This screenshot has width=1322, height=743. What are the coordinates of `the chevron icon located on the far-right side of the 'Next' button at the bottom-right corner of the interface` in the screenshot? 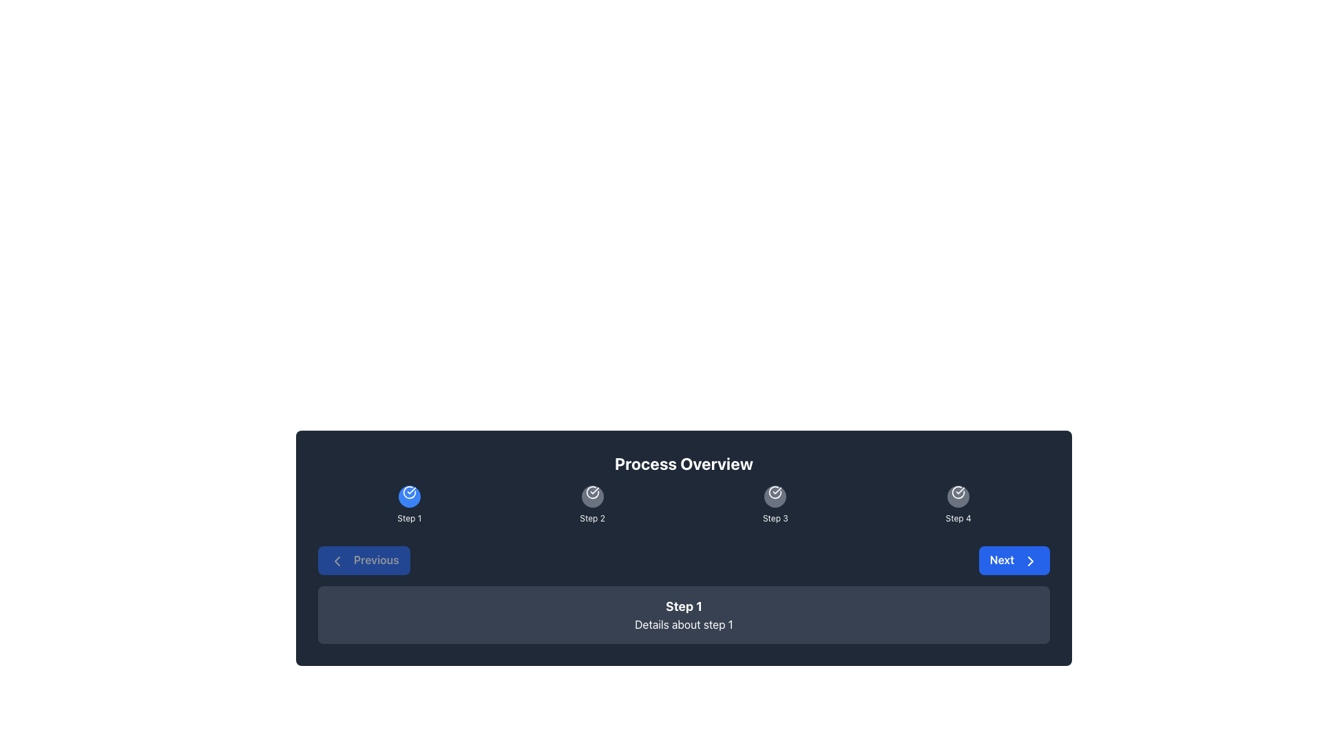 It's located at (1031, 560).